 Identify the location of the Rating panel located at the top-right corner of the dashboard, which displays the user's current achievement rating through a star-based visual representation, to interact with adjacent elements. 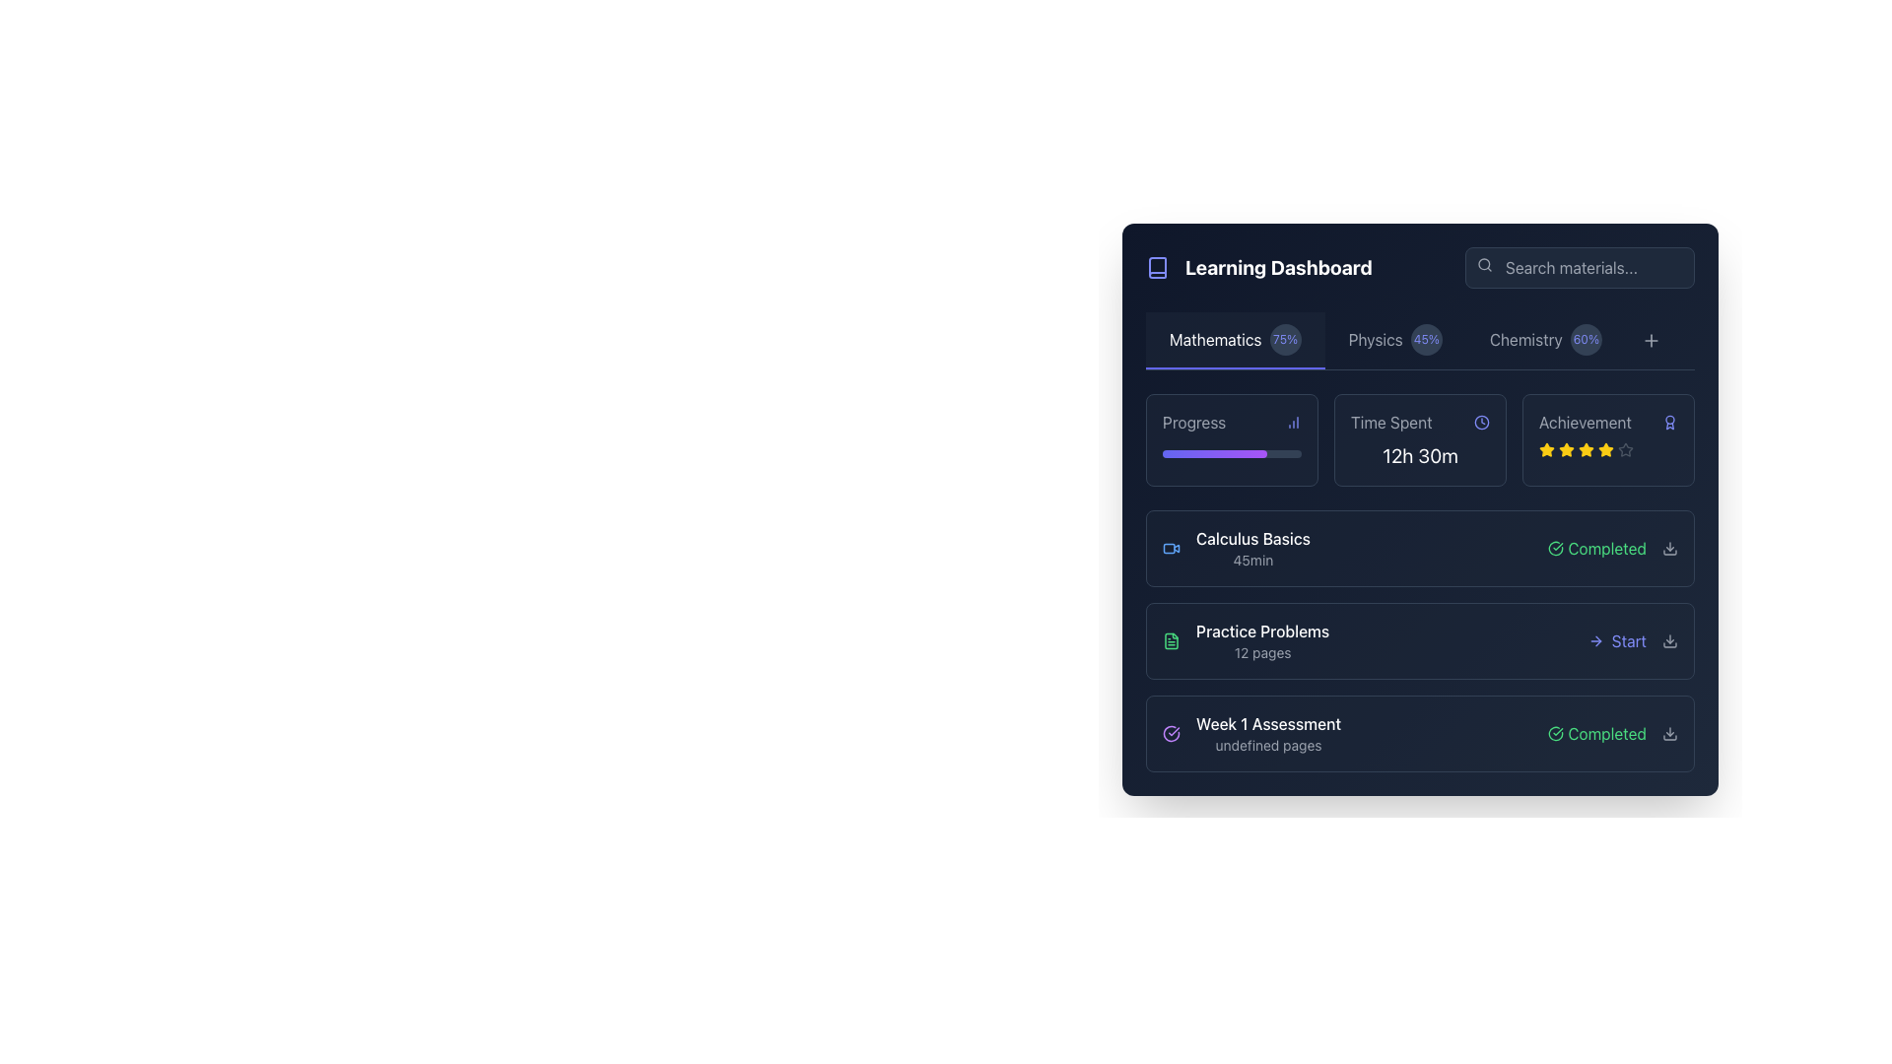
(1608, 439).